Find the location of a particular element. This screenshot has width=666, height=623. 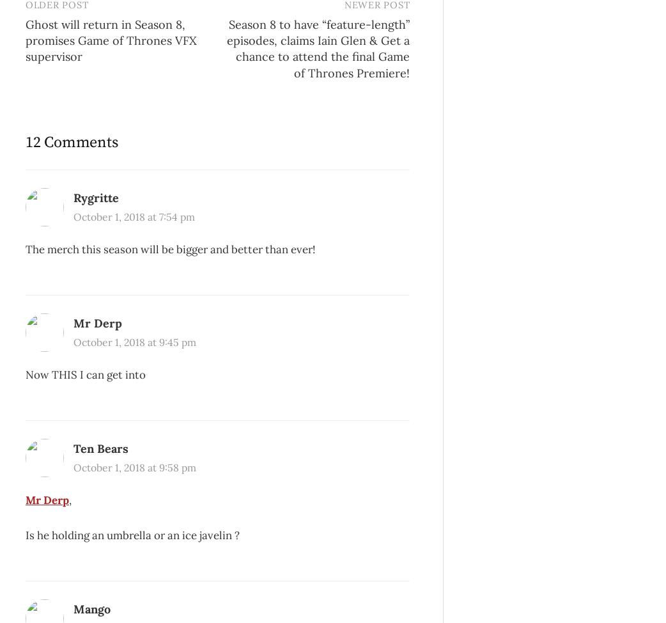

'October 1, 2018 at 7:54 pm' is located at coordinates (133, 216).